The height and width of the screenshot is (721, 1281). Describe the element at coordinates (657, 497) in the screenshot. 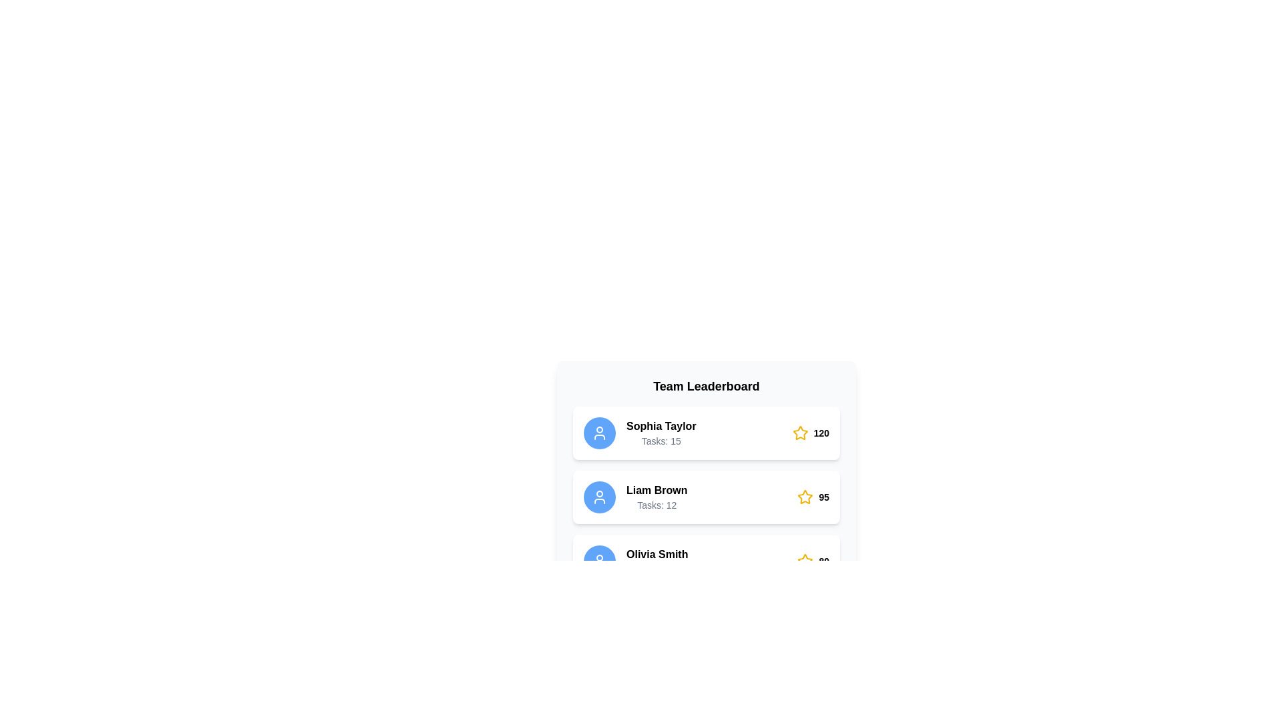

I see `the text block displaying the name 'Liam Brown' and the task count 'Tasks: 12' in the Team Leaderboard section, located between the blue user icon and the yellow star icon` at that location.